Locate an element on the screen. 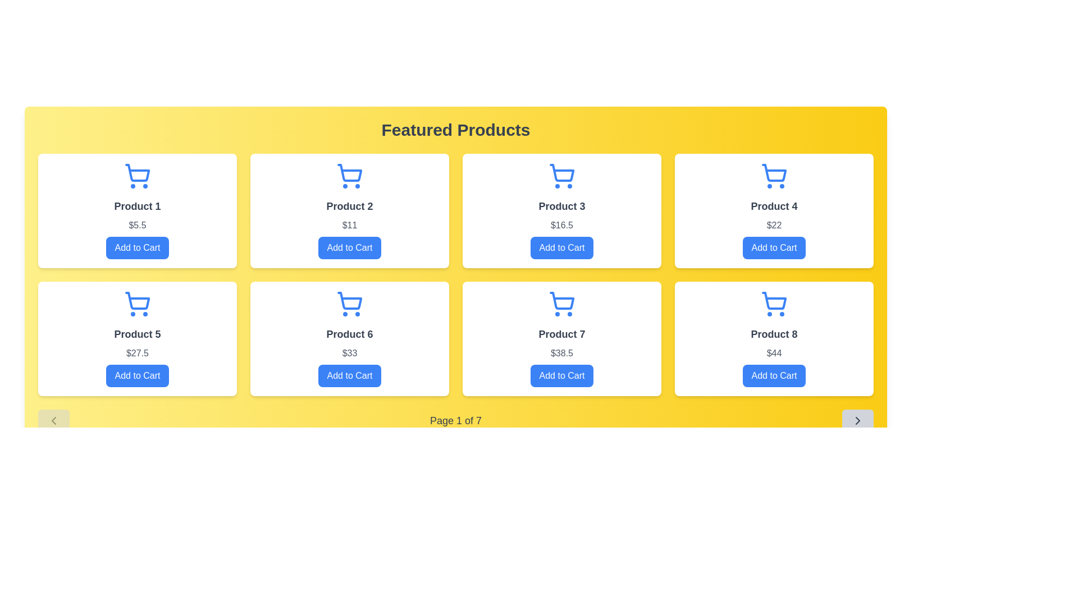 This screenshot has height=606, width=1078. the small rectangular button with a light gray background and rounded corners, located at the bottom-right corner of the layout is located at coordinates (857, 420).